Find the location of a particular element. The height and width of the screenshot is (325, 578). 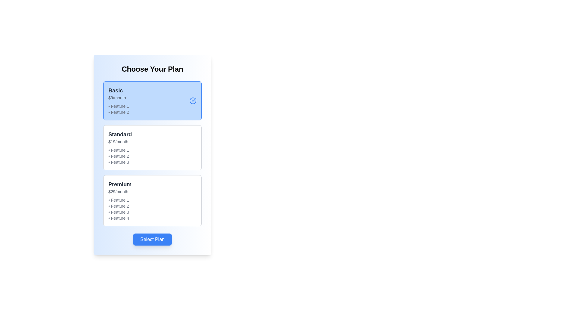

the 'Standard' subscription plan card is located at coordinates (152, 147).